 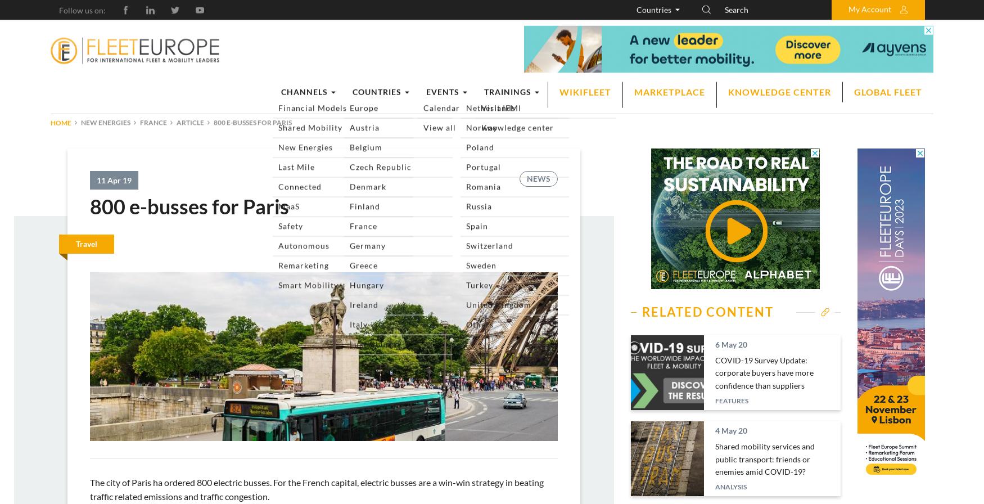 What do you see at coordinates (662, 250) in the screenshot?
I see `'Portugal'` at bounding box center [662, 250].